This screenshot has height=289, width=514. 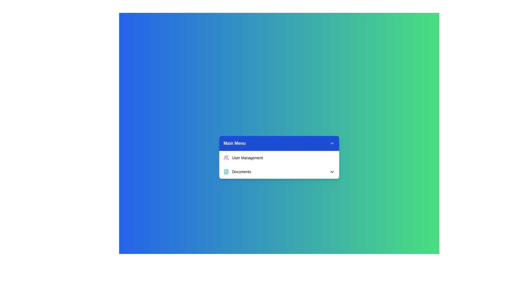 What do you see at coordinates (226, 172) in the screenshot?
I see `the 'Documents' icon located in the 'Main Menu' section` at bounding box center [226, 172].